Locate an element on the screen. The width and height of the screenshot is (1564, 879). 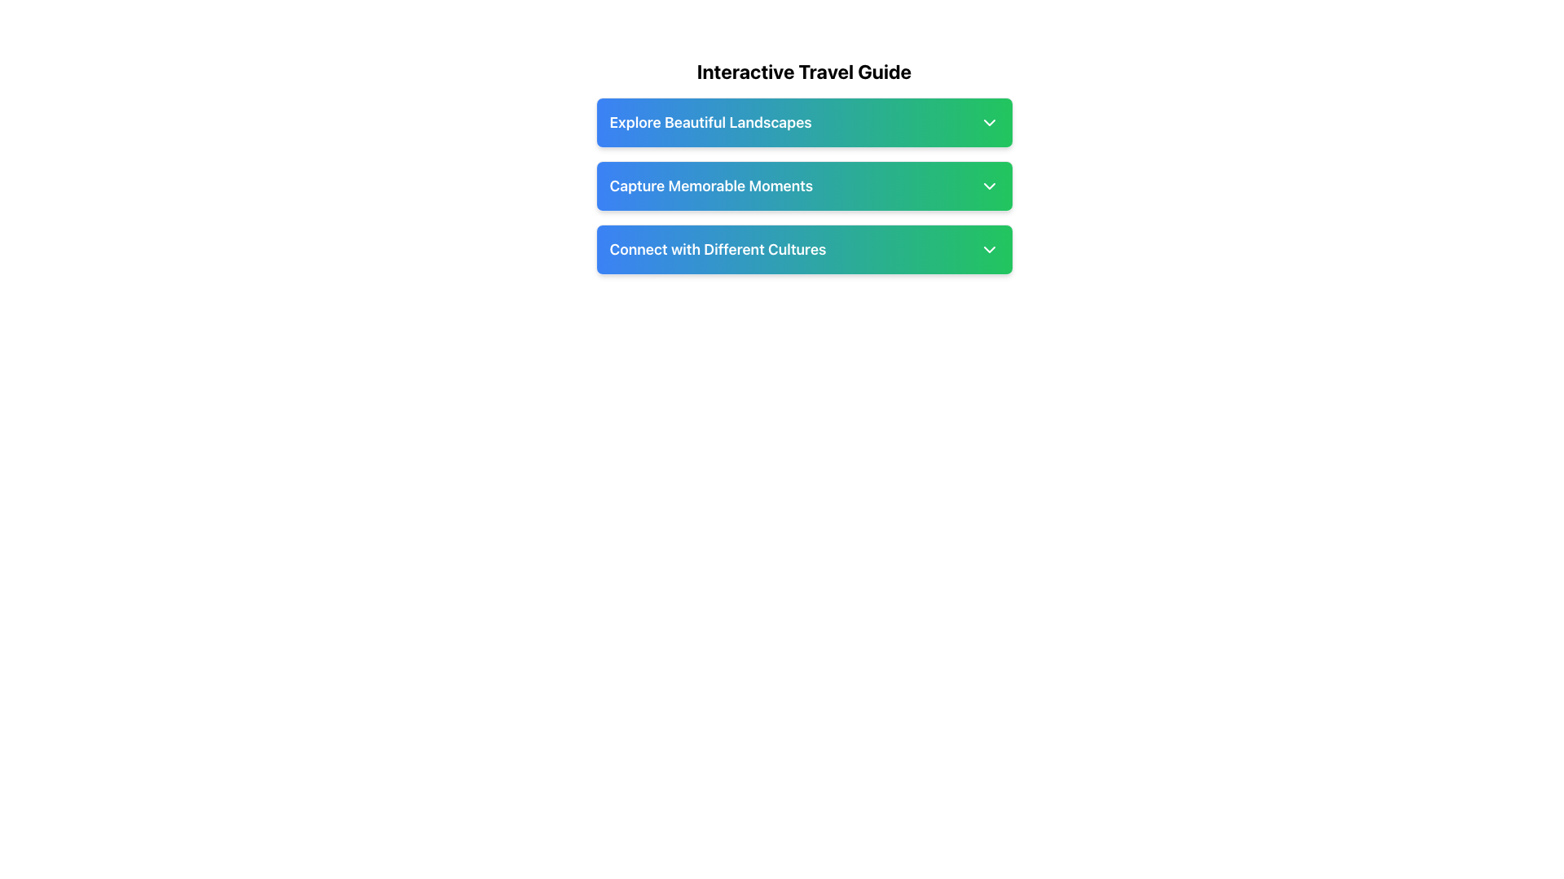
the third expandable panel titled 'Connect with Different Cultures' is located at coordinates (804, 250).